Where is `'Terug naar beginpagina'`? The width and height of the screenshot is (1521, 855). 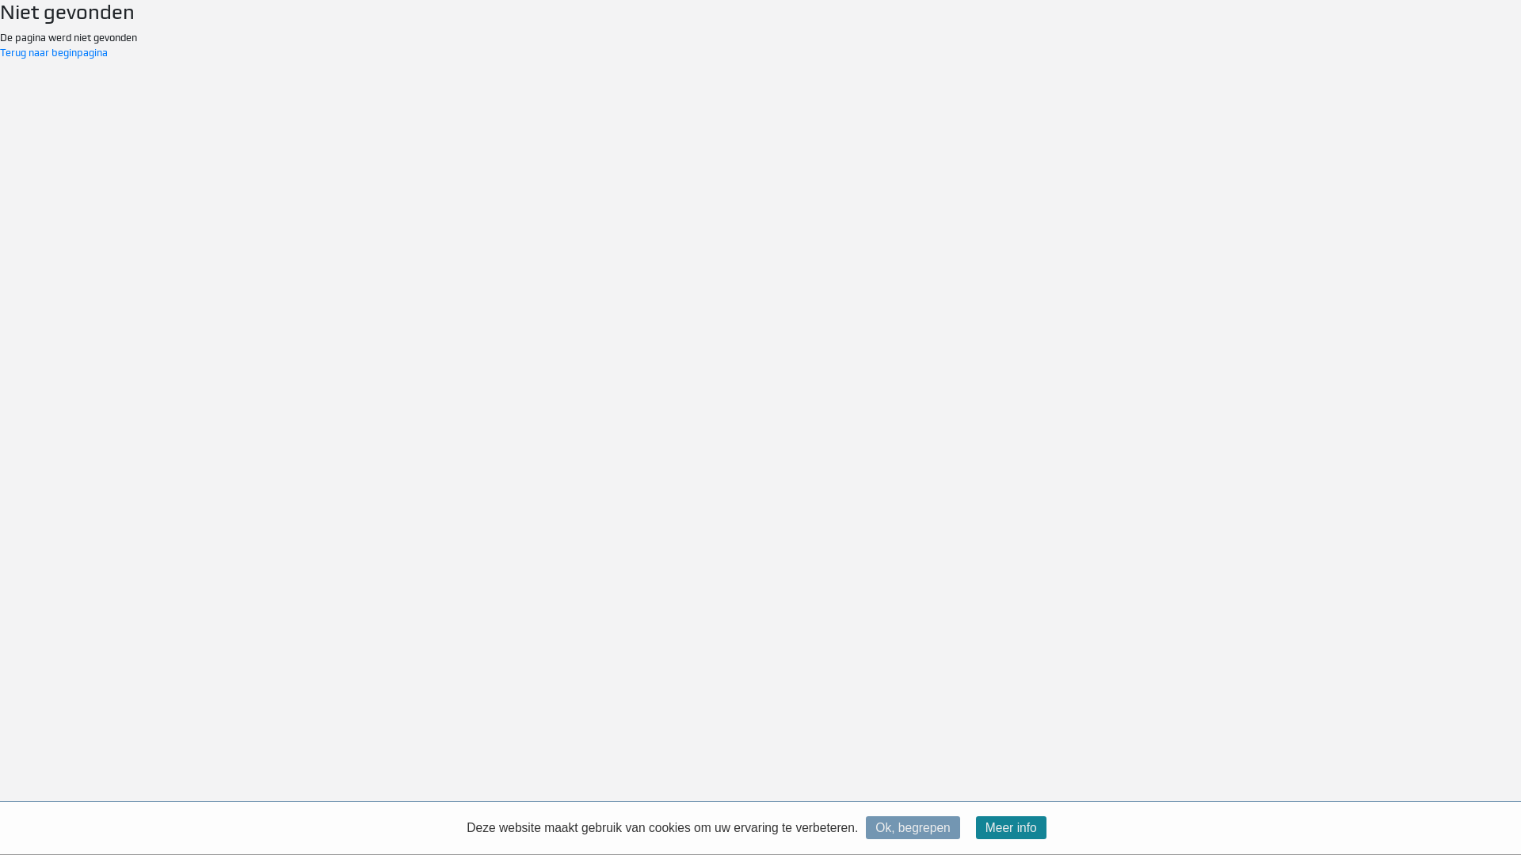
'Terug naar beginpagina' is located at coordinates (53, 51).